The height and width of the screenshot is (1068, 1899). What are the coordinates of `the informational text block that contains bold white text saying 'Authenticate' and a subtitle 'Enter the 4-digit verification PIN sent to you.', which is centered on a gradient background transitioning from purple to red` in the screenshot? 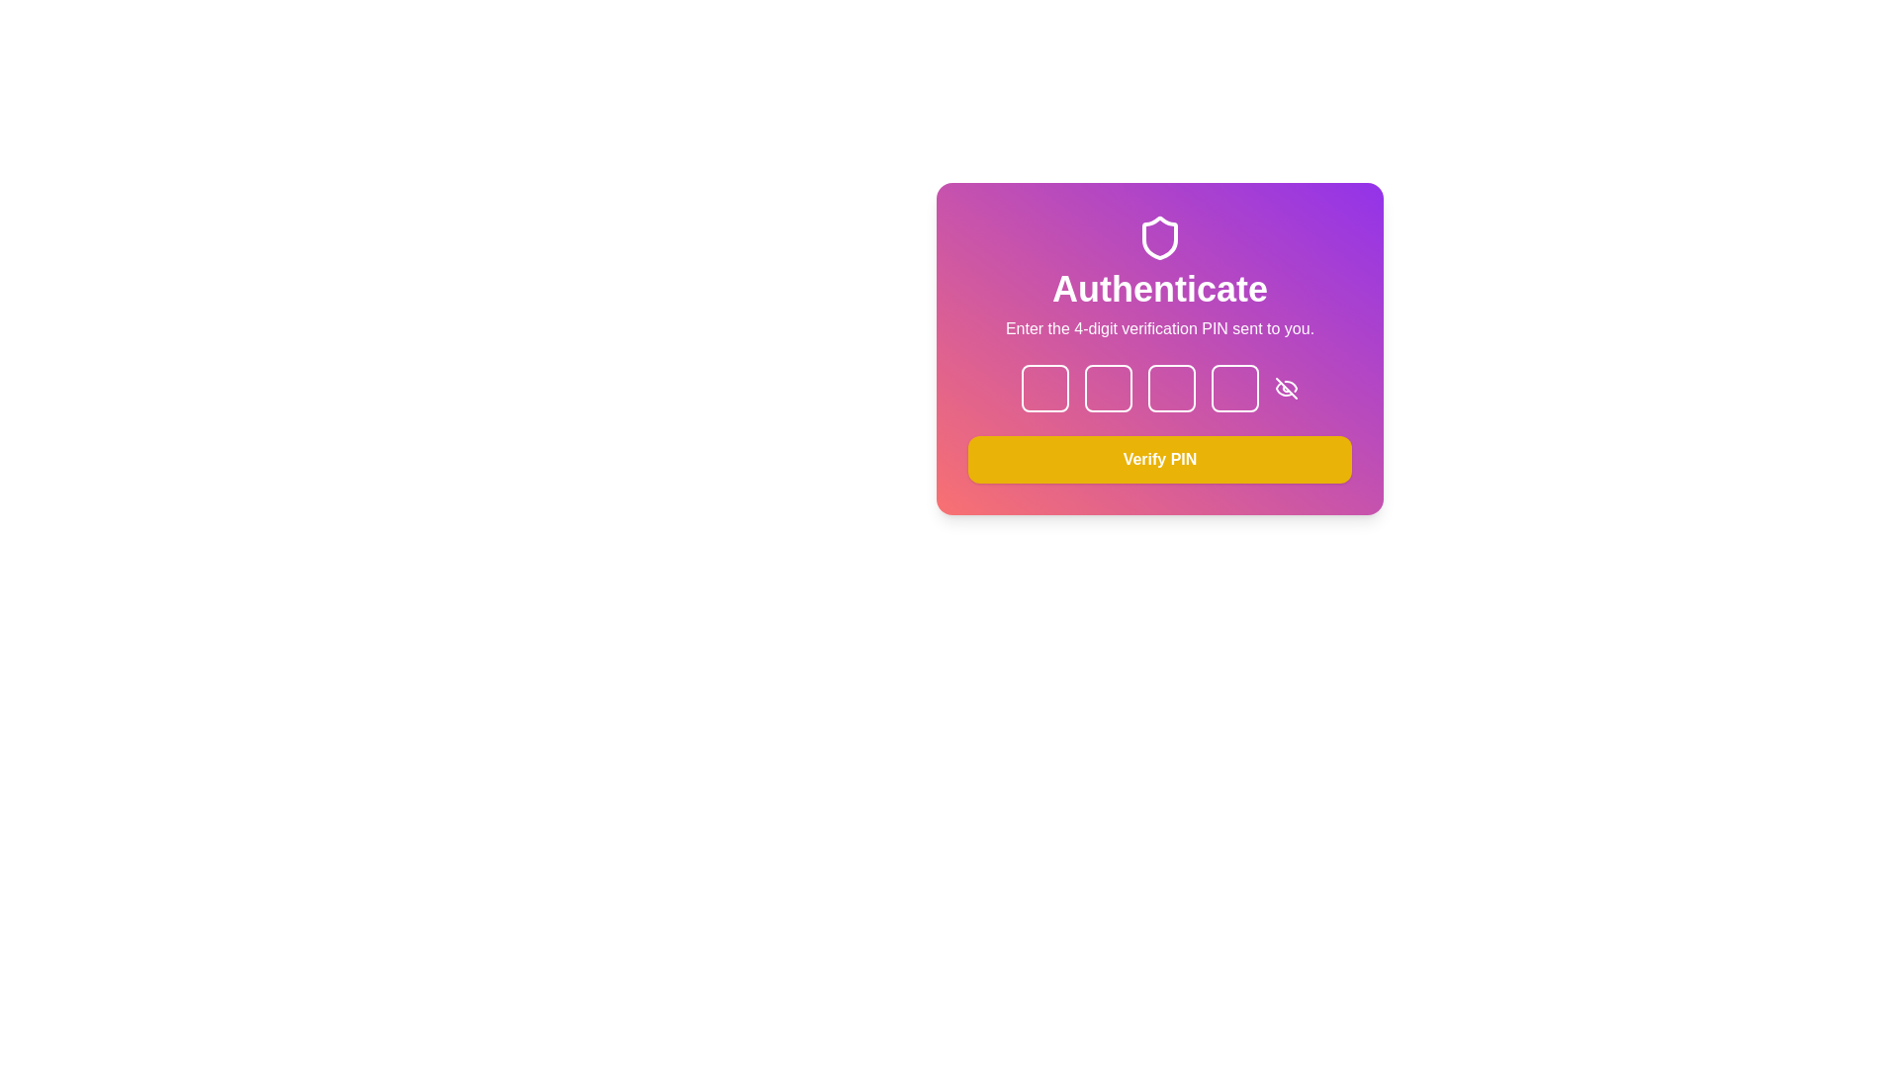 It's located at (1159, 278).